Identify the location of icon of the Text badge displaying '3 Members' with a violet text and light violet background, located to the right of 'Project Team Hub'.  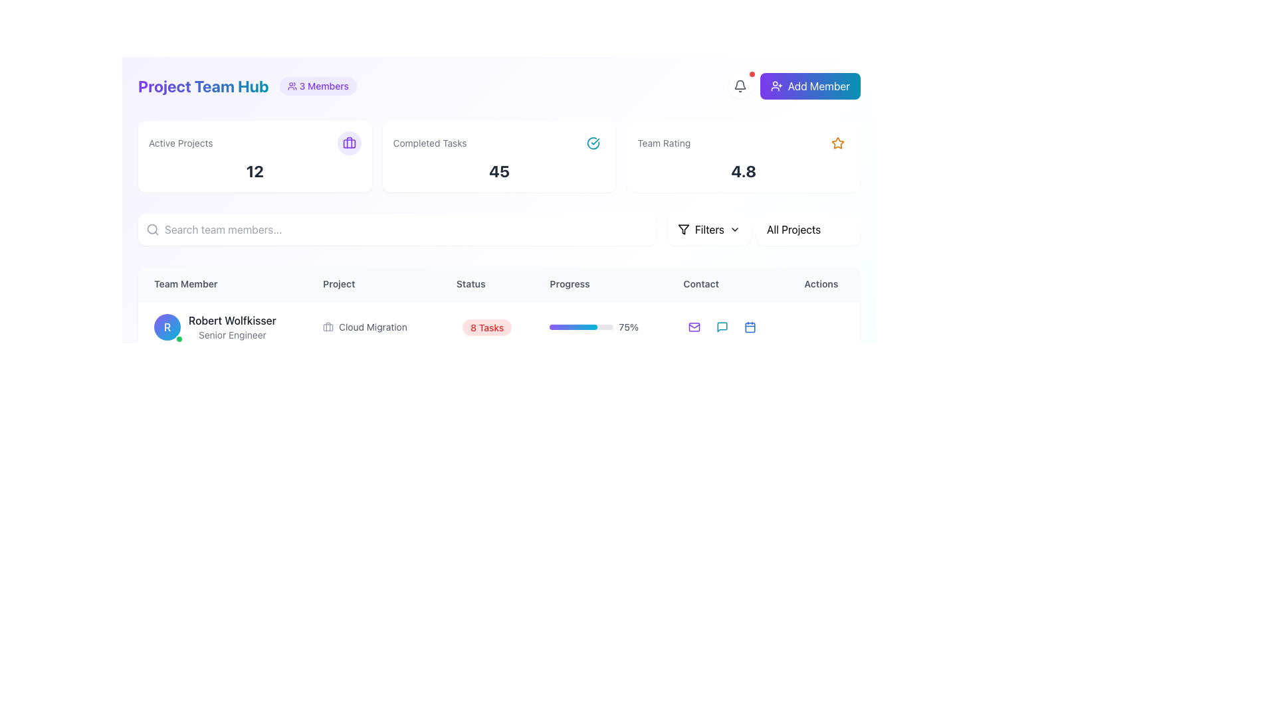
(317, 86).